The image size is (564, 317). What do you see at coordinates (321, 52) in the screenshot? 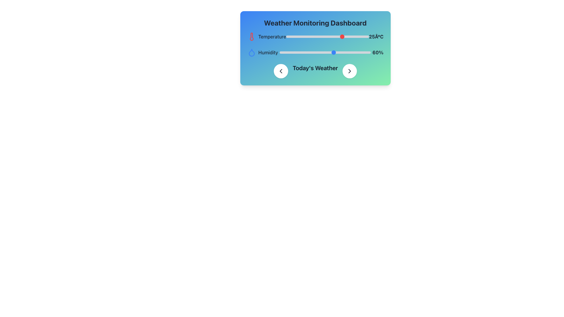
I see `humidity` at bounding box center [321, 52].